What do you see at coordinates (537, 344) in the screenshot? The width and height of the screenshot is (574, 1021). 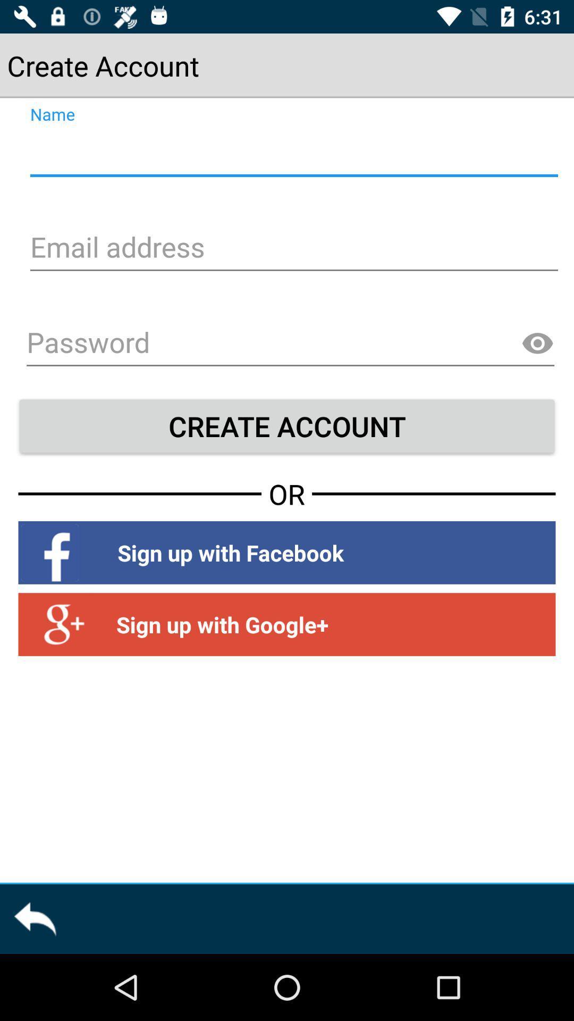 I see `show password` at bounding box center [537, 344].